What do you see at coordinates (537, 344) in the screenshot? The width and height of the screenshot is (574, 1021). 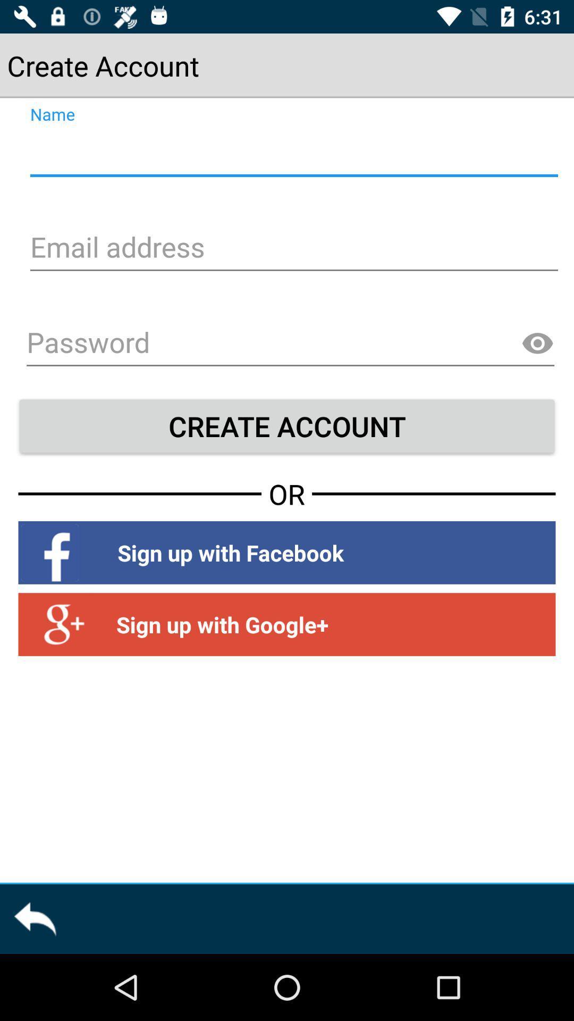 I see `show password` at bounding box center [537, 344].